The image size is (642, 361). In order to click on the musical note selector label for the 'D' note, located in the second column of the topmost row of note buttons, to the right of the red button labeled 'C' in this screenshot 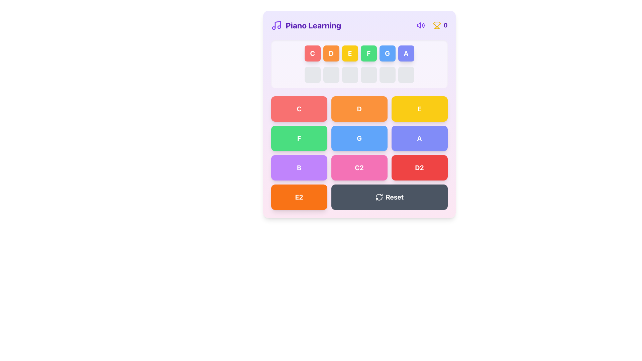, I will do `click(331, 53)`.